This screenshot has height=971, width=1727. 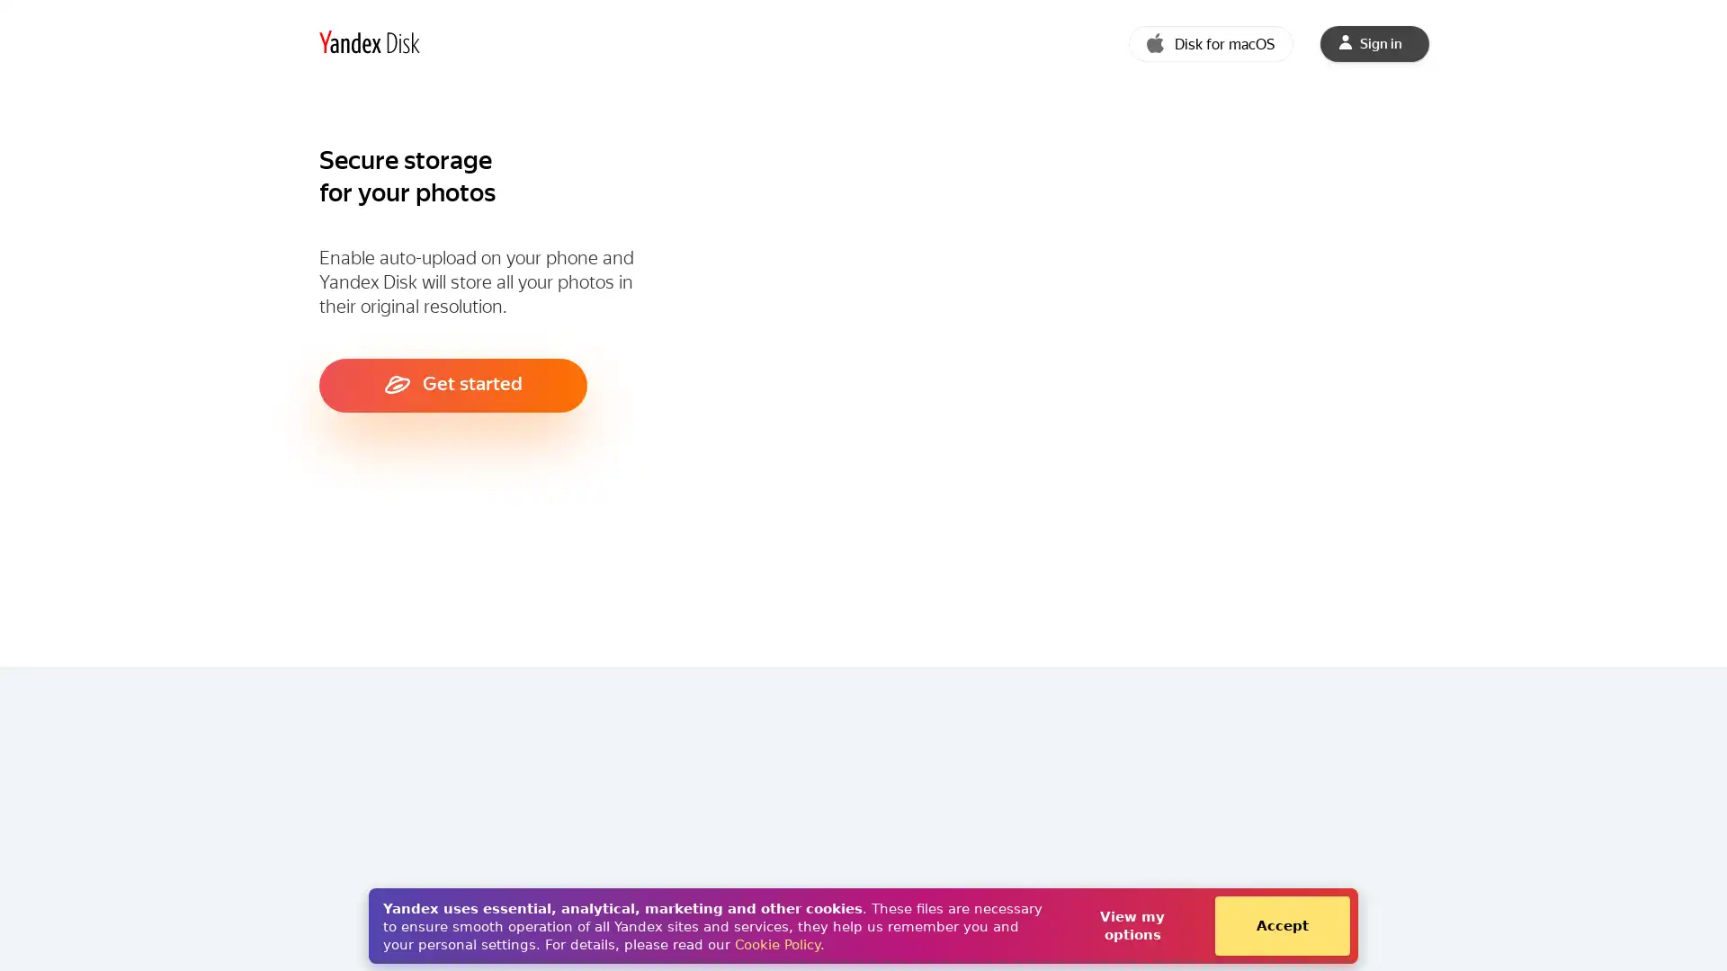 I want to click on Accept, so click(x=1281, y=925).